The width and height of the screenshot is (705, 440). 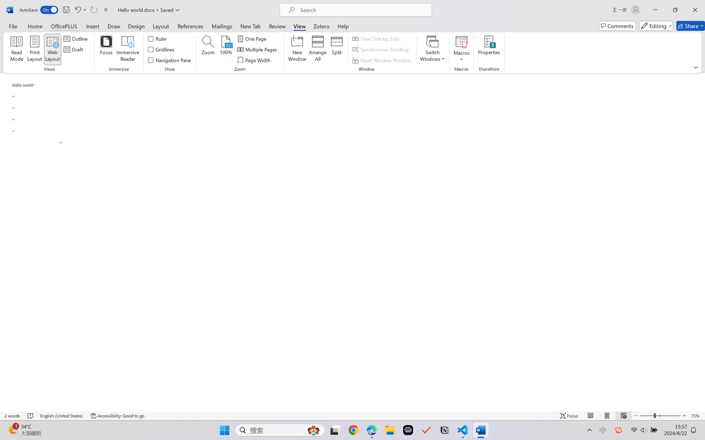 I want to click on 'View', so click(x=299, y=26).